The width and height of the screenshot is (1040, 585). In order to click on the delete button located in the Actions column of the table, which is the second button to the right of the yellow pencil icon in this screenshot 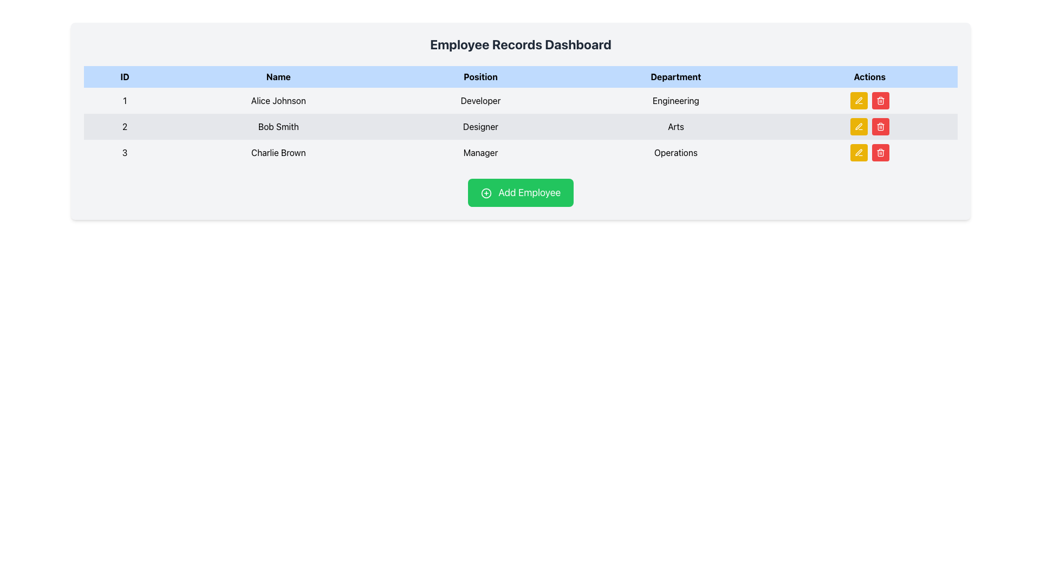, I will do `click(880, 152)`.